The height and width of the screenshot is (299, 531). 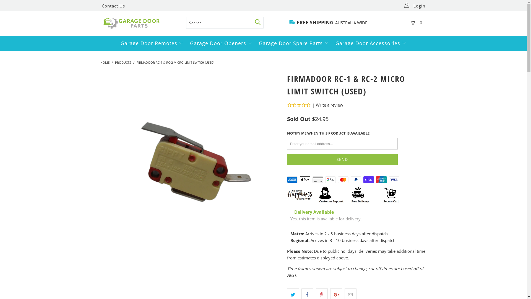 I want to click on 'GarageDoorParts', so click(x=142, y=23).